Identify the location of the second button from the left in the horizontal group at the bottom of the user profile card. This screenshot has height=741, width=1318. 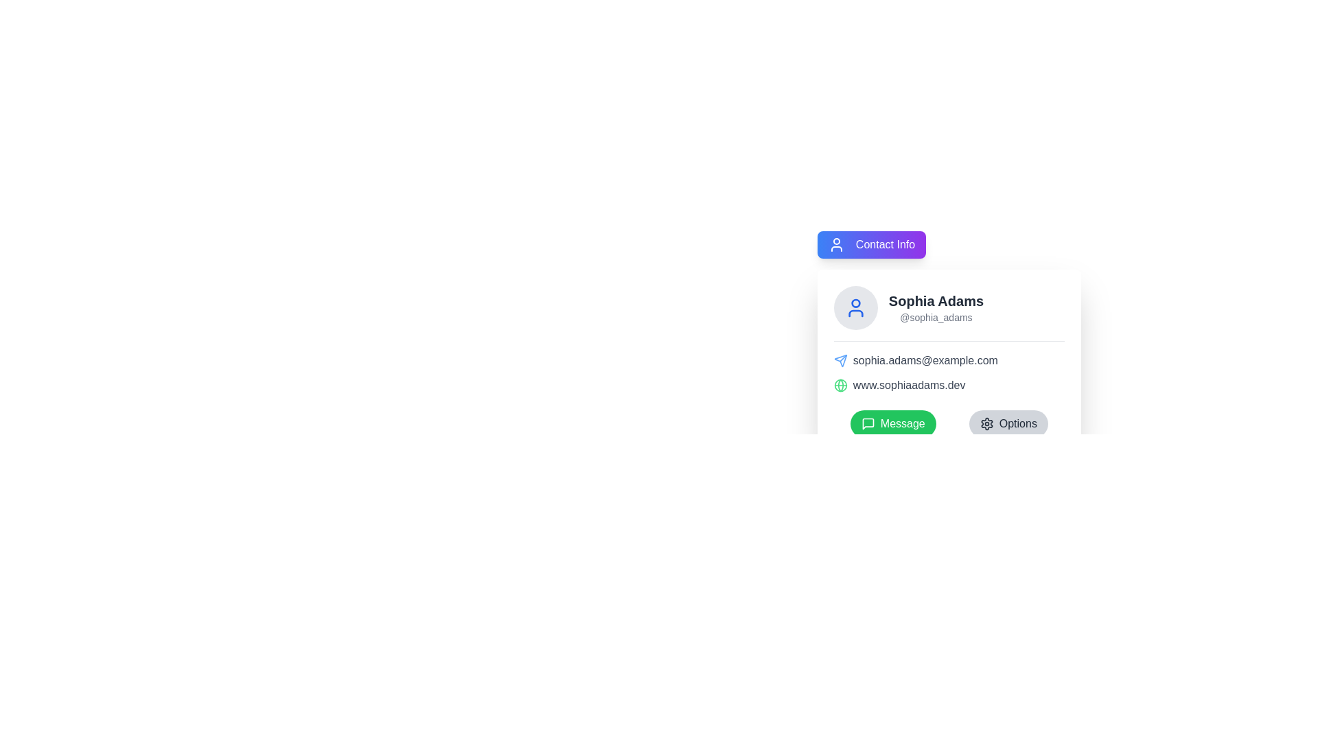
(1008, 423).